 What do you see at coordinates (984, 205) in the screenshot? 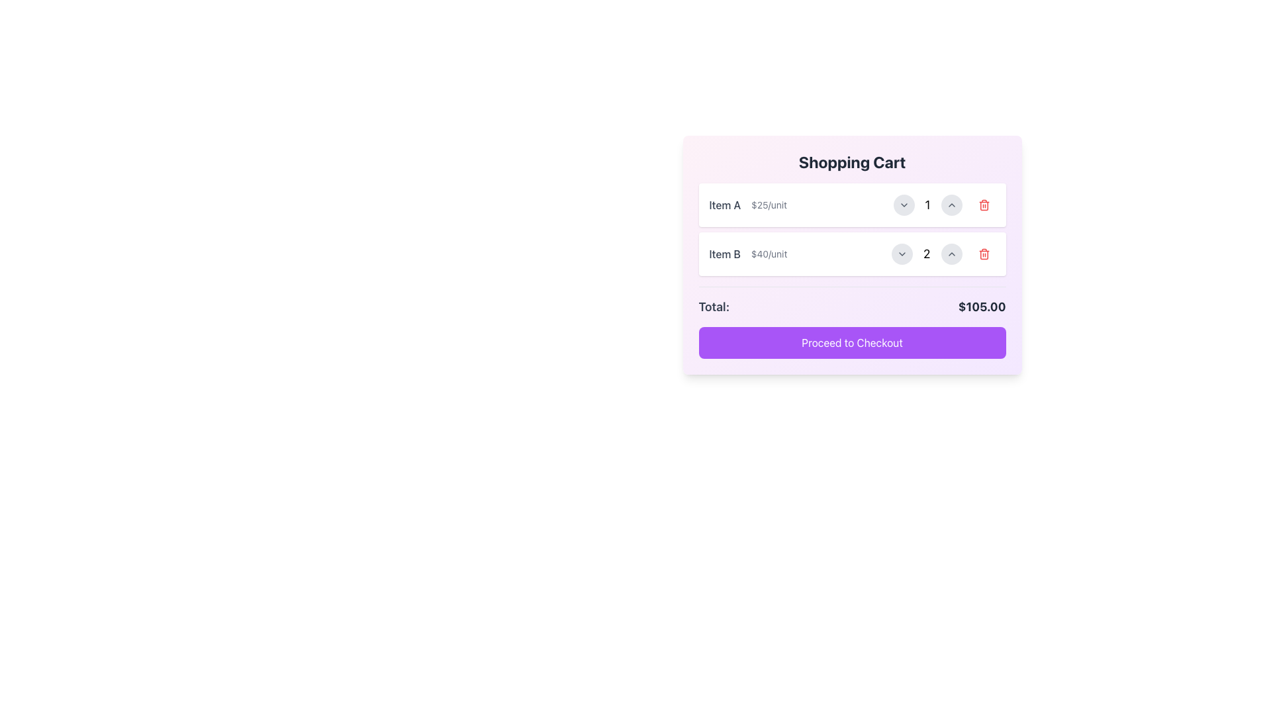
I see `the delete button located on the right side of the shopping cart interface next to the quantity selector for Item A to provide visual feedback` at bounding box center [984, 205].